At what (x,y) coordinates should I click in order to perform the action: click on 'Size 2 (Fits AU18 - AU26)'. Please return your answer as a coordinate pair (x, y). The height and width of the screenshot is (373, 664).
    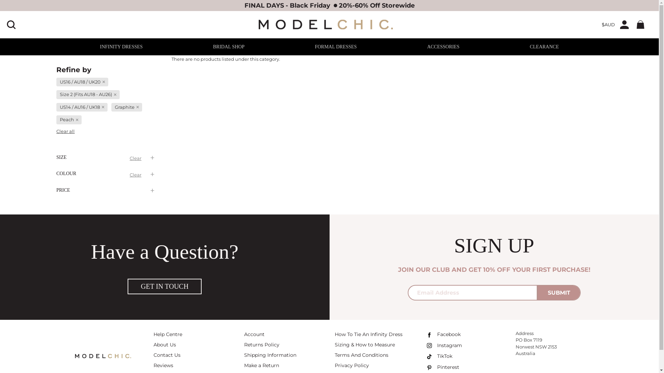
    Looking at the image, I should click on (87, 94).